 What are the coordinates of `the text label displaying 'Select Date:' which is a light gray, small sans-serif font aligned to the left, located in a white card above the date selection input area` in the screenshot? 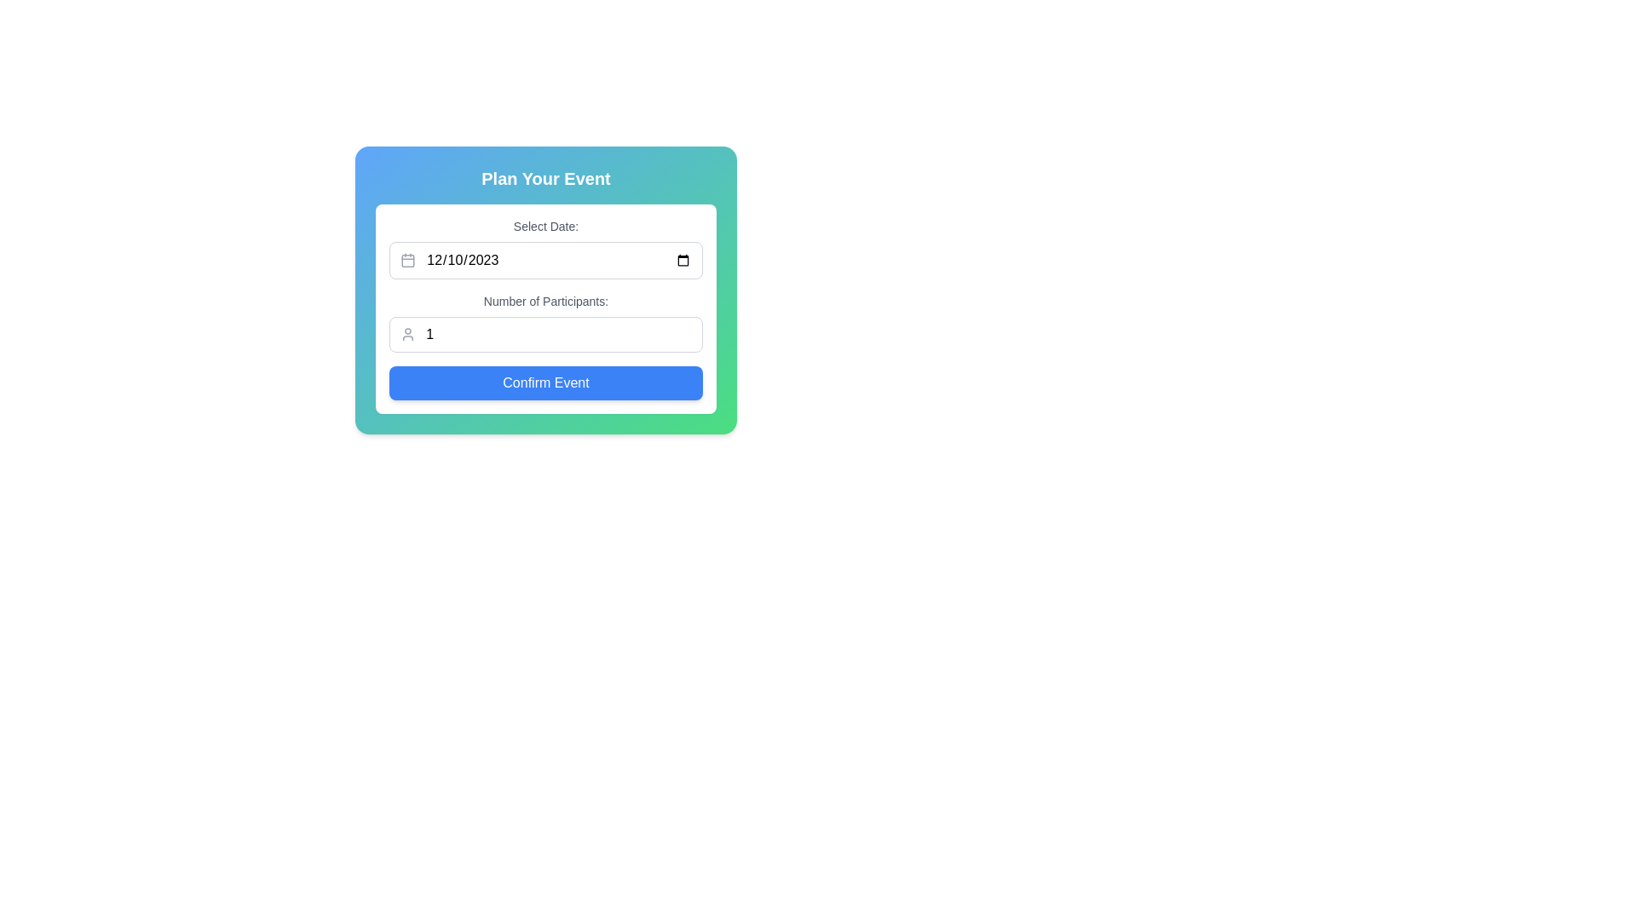 It's located at (546, 226).